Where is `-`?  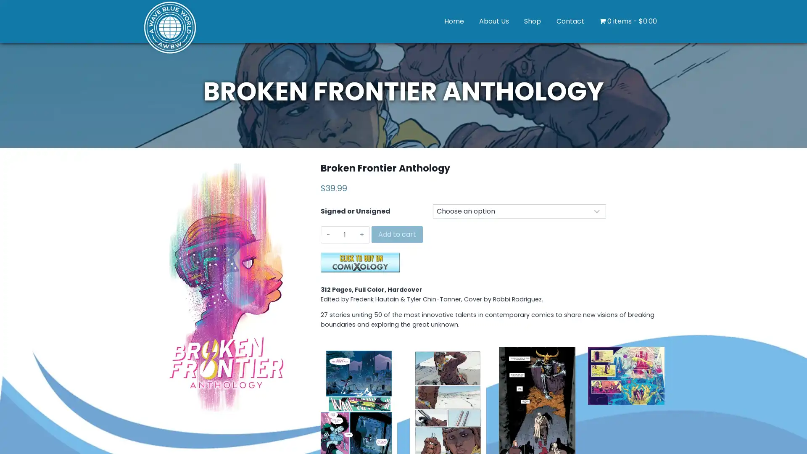
- is located at coordinates (328, 235).